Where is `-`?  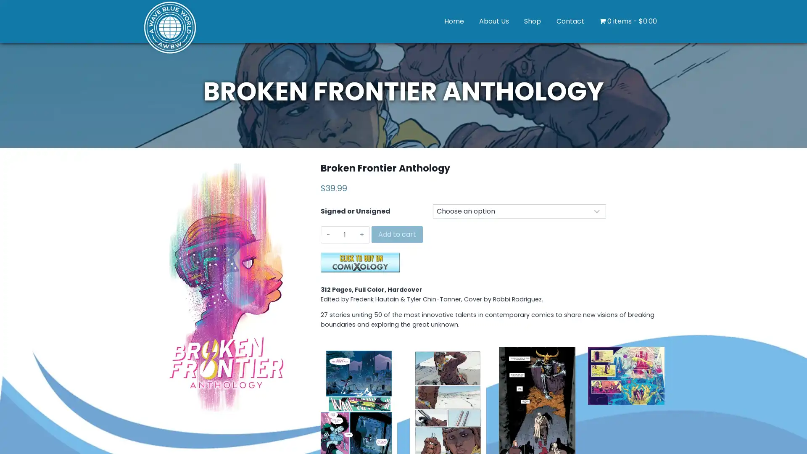
- is located at coordinates (328, 235).